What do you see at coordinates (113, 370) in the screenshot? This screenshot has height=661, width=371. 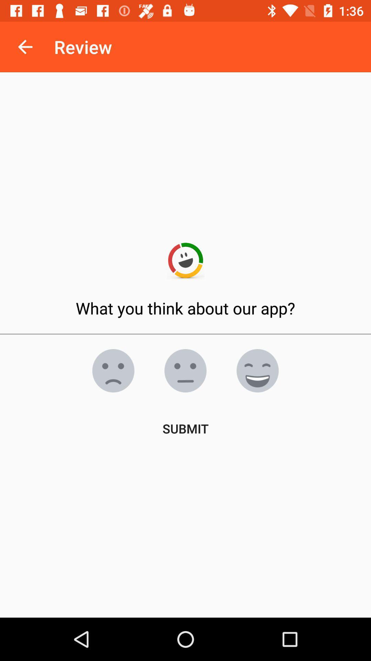 I see `the item above submit item` at bounding box center [113, 370].